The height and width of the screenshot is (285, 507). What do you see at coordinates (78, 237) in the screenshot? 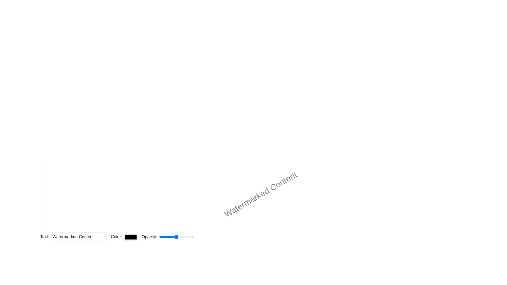
I see `the text input field that contains pre-filled text 'Watermarked Content' to focus on it` at bounding box center [78, 237].